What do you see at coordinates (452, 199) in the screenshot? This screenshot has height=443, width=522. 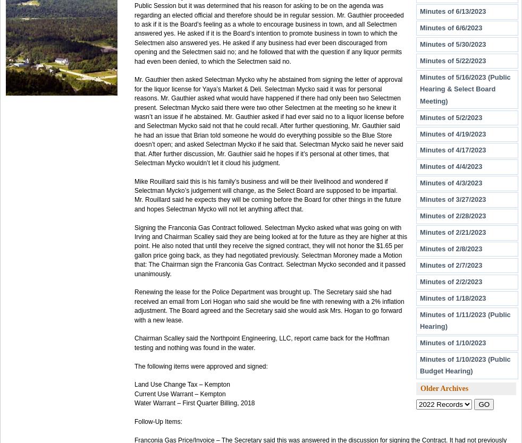 I see `'Minutes of 3/27/2023'` at bounding box center [452, 199].